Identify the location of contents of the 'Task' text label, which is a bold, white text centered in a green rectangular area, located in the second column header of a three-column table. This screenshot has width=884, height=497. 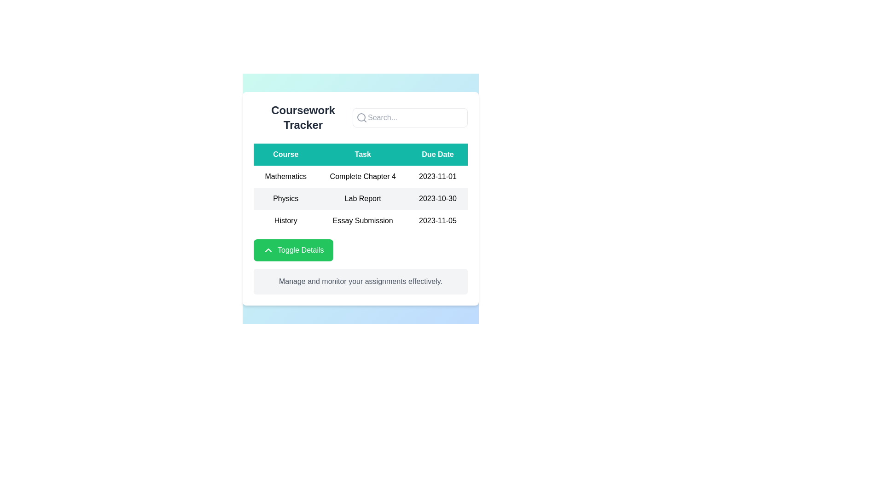
(362, 154).